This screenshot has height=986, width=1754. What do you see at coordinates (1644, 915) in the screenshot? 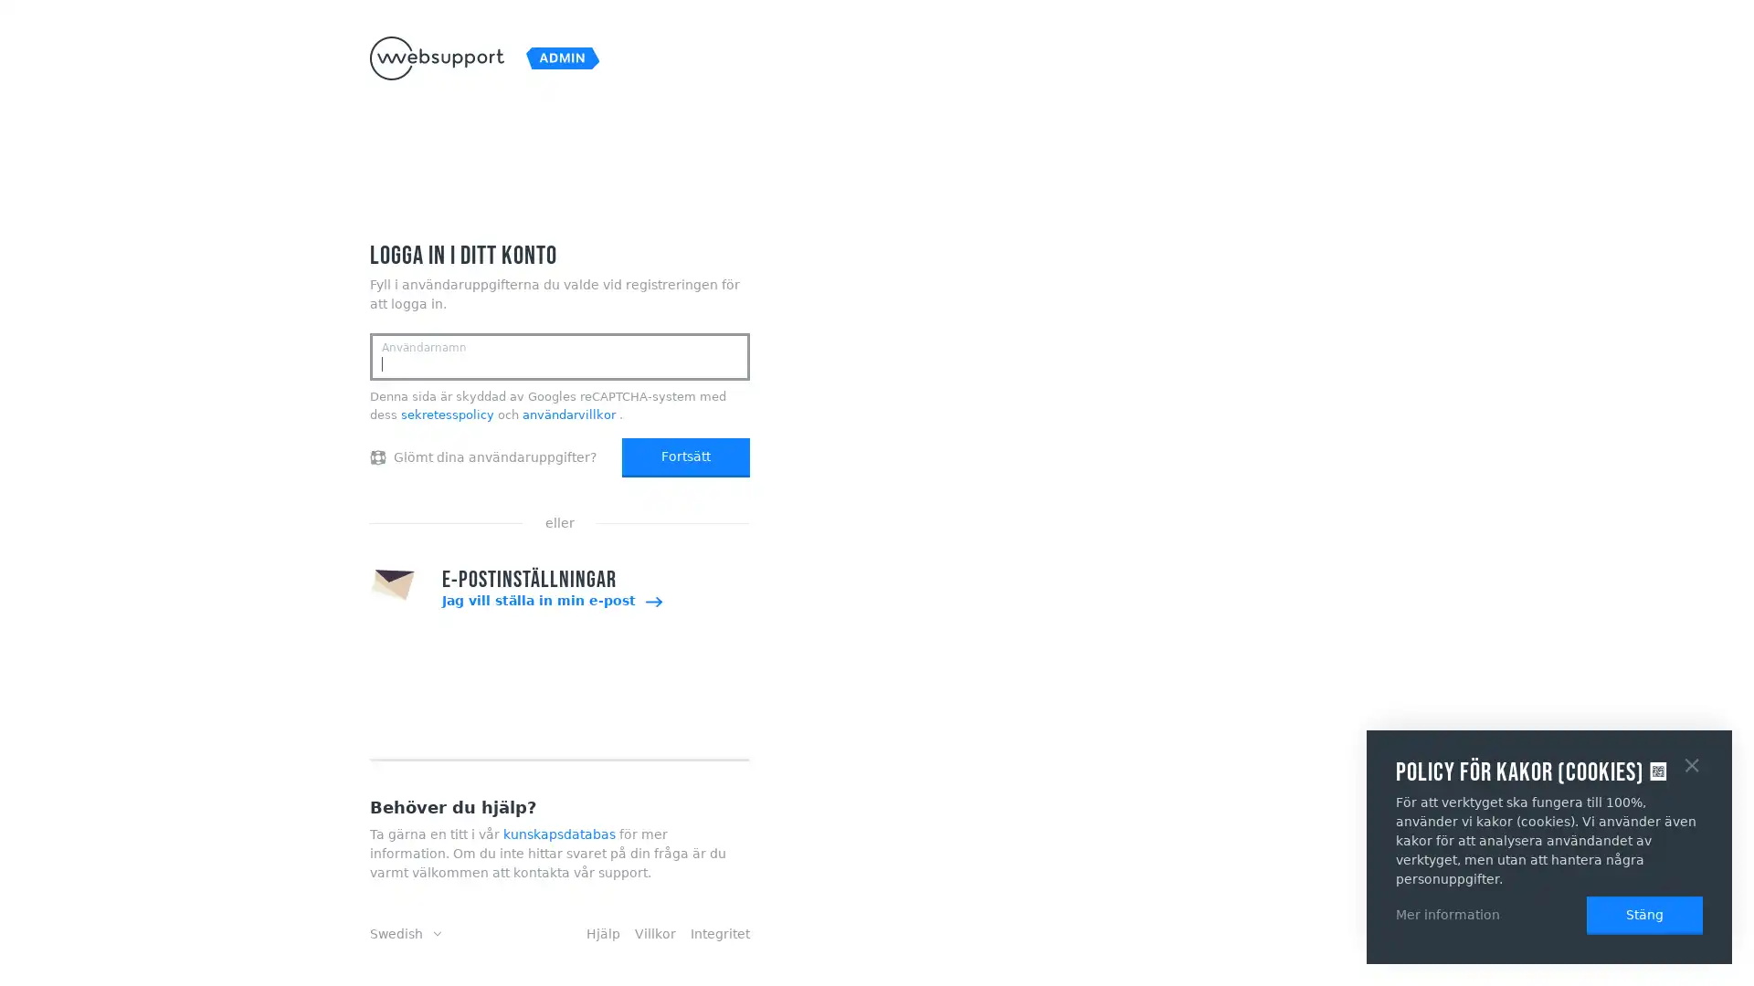
I see `Stang` at bounding box center [1644, 915].